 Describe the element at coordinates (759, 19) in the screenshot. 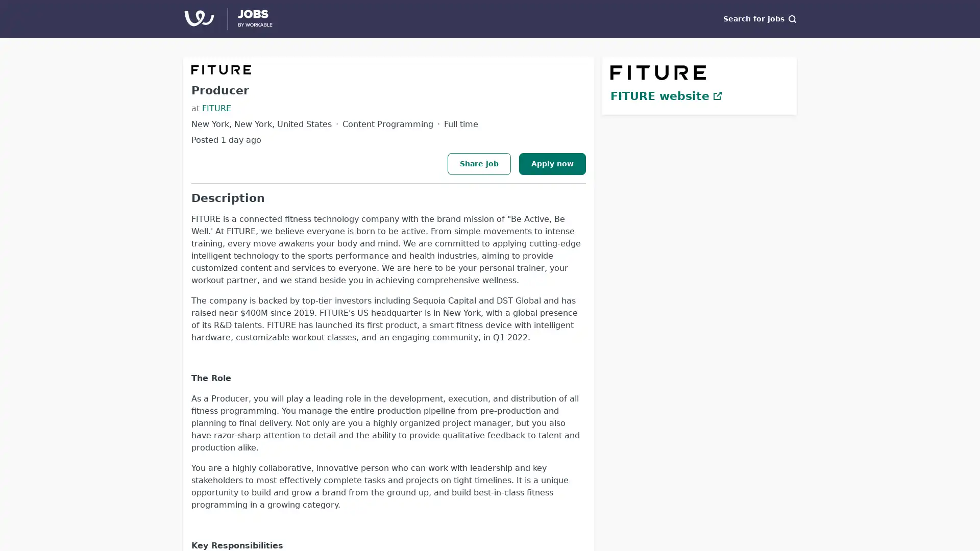

I see `Search for jobs` at that location.